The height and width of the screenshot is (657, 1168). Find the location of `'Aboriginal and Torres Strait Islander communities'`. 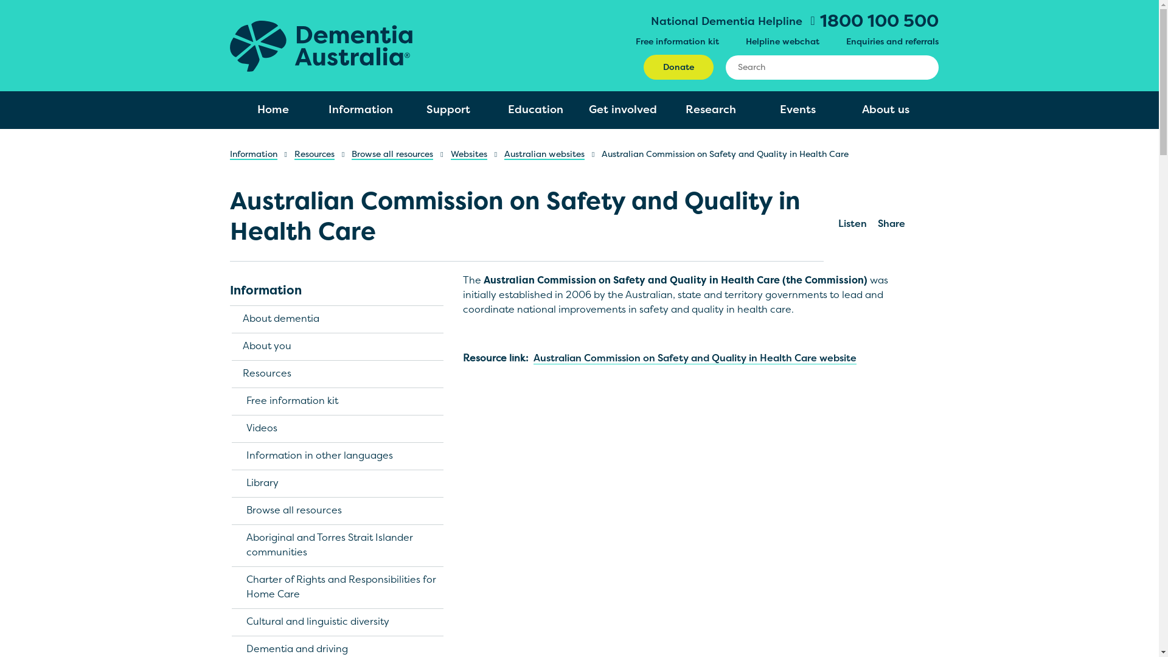

'Aboriginal and Torres Strait Islander communities' is located at coordinates (338, 545).